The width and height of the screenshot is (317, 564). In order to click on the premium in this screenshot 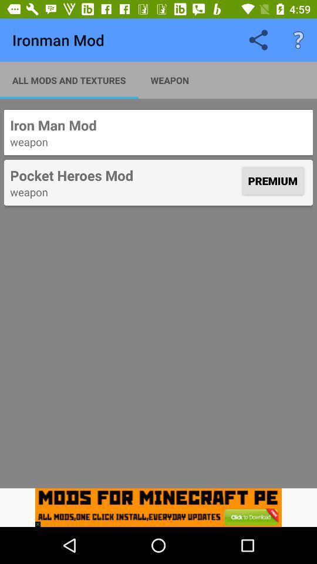, I will do `click(272, 180)`.